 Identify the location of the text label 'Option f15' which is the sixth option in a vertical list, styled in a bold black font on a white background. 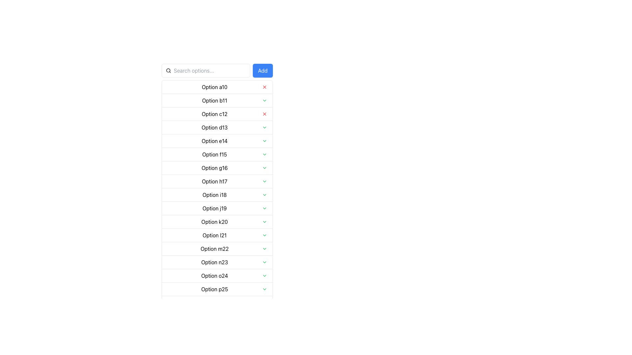
(215, 154).